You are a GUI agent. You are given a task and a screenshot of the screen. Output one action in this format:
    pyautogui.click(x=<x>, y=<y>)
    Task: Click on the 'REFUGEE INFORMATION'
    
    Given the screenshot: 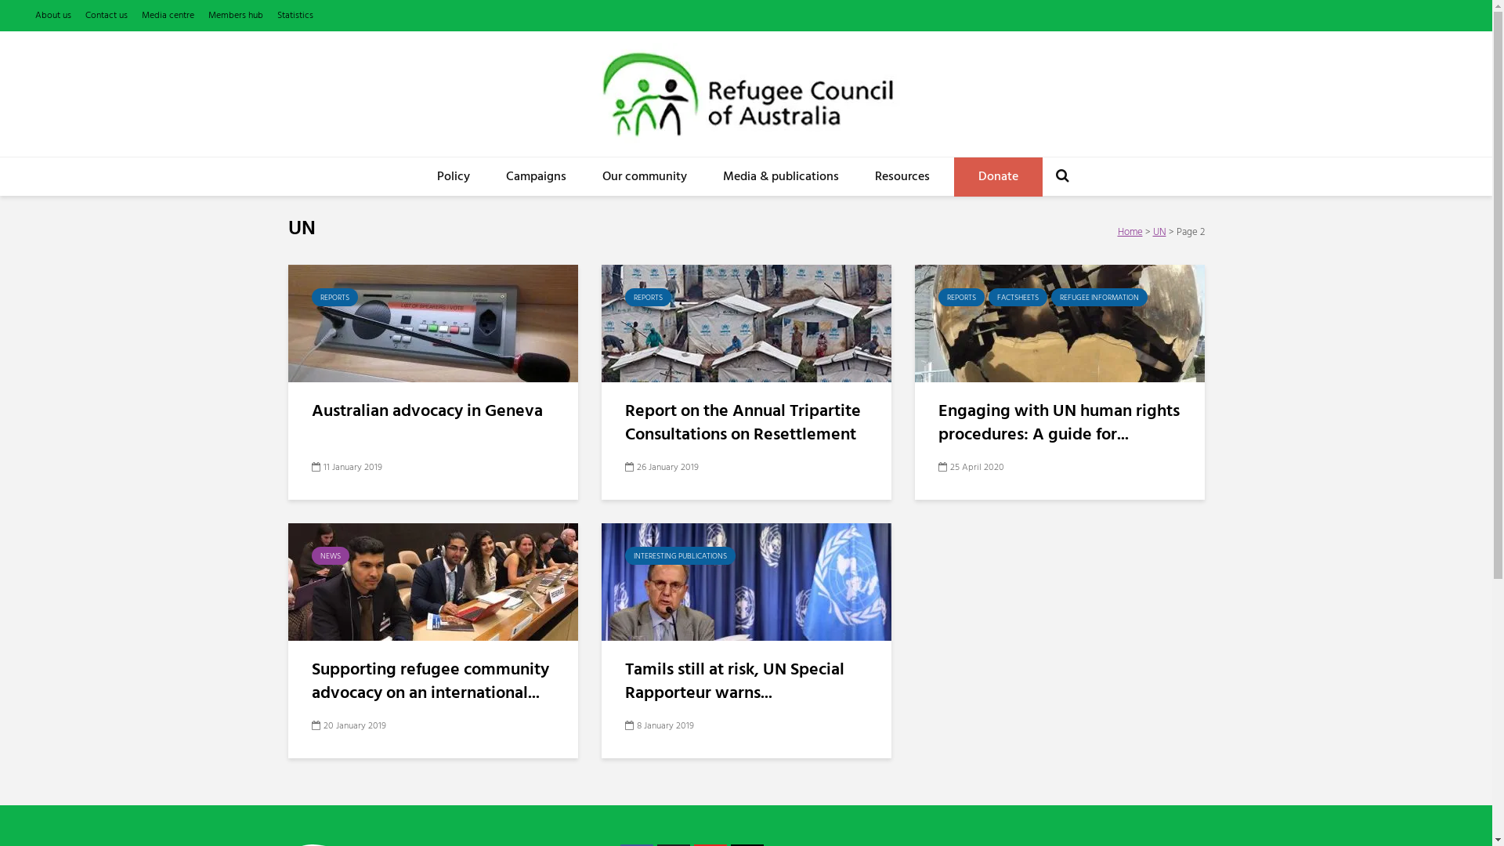 What is the action you would take?
    pyautogui.click(x=1098, y=297)
    